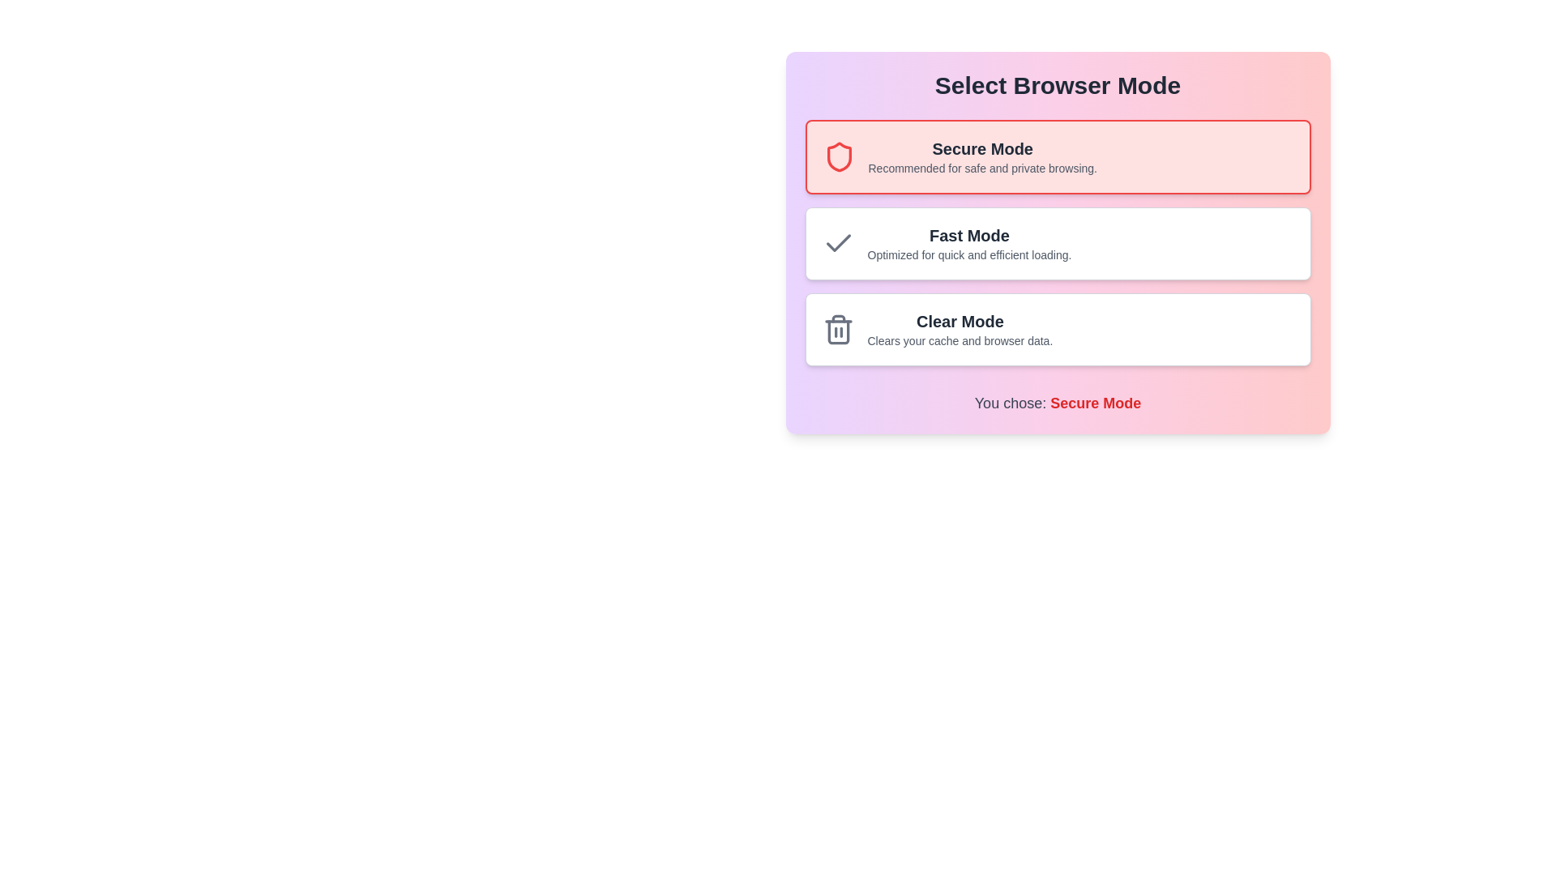 This screenshot has height=875, width=1556. I want to click on the 'Fast Mode' option icon to toggle its state, which is visually indicated by the icon being placed to the left of the text 'Fast Mode' in the selection panel, so click(838, 243).